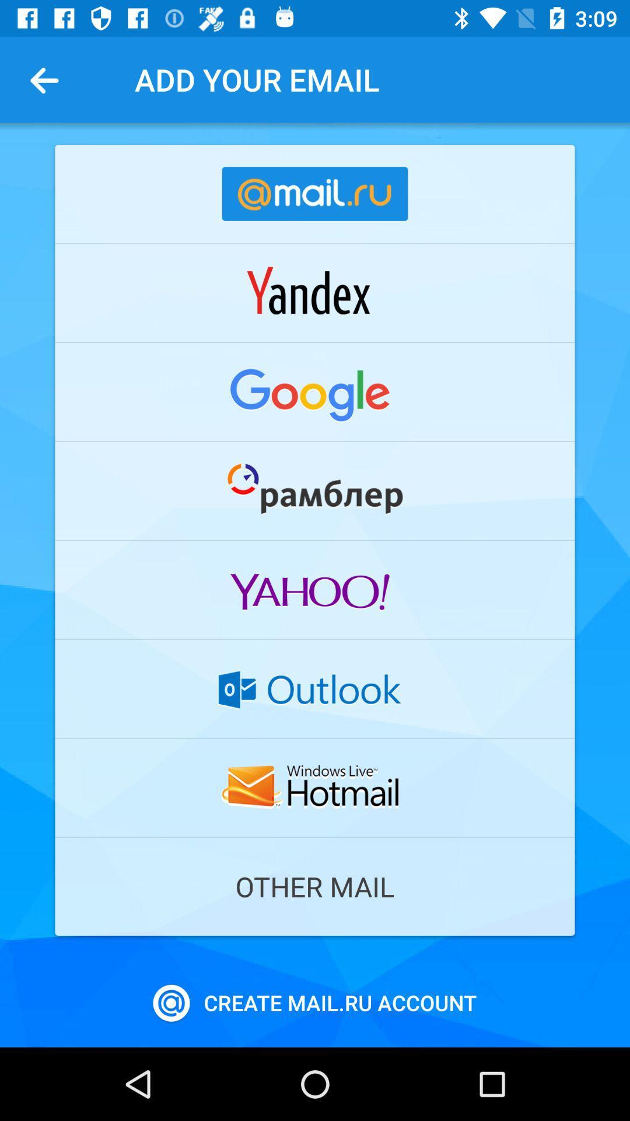 Image resolution: width=630 pixels, height=1121 pixels. I want to click on tap mail option, so click(315, 392).